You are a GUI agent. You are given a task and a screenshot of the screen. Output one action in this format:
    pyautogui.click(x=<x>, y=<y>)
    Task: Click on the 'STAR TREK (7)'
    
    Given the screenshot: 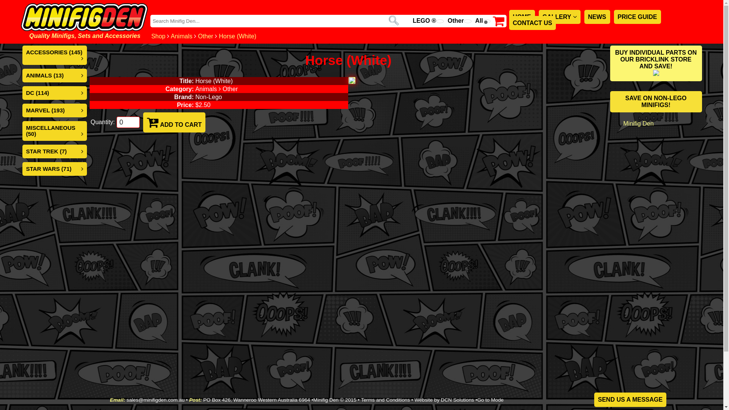 What is the action you would take?
    pyautogui.click(x=46, y=151)
    